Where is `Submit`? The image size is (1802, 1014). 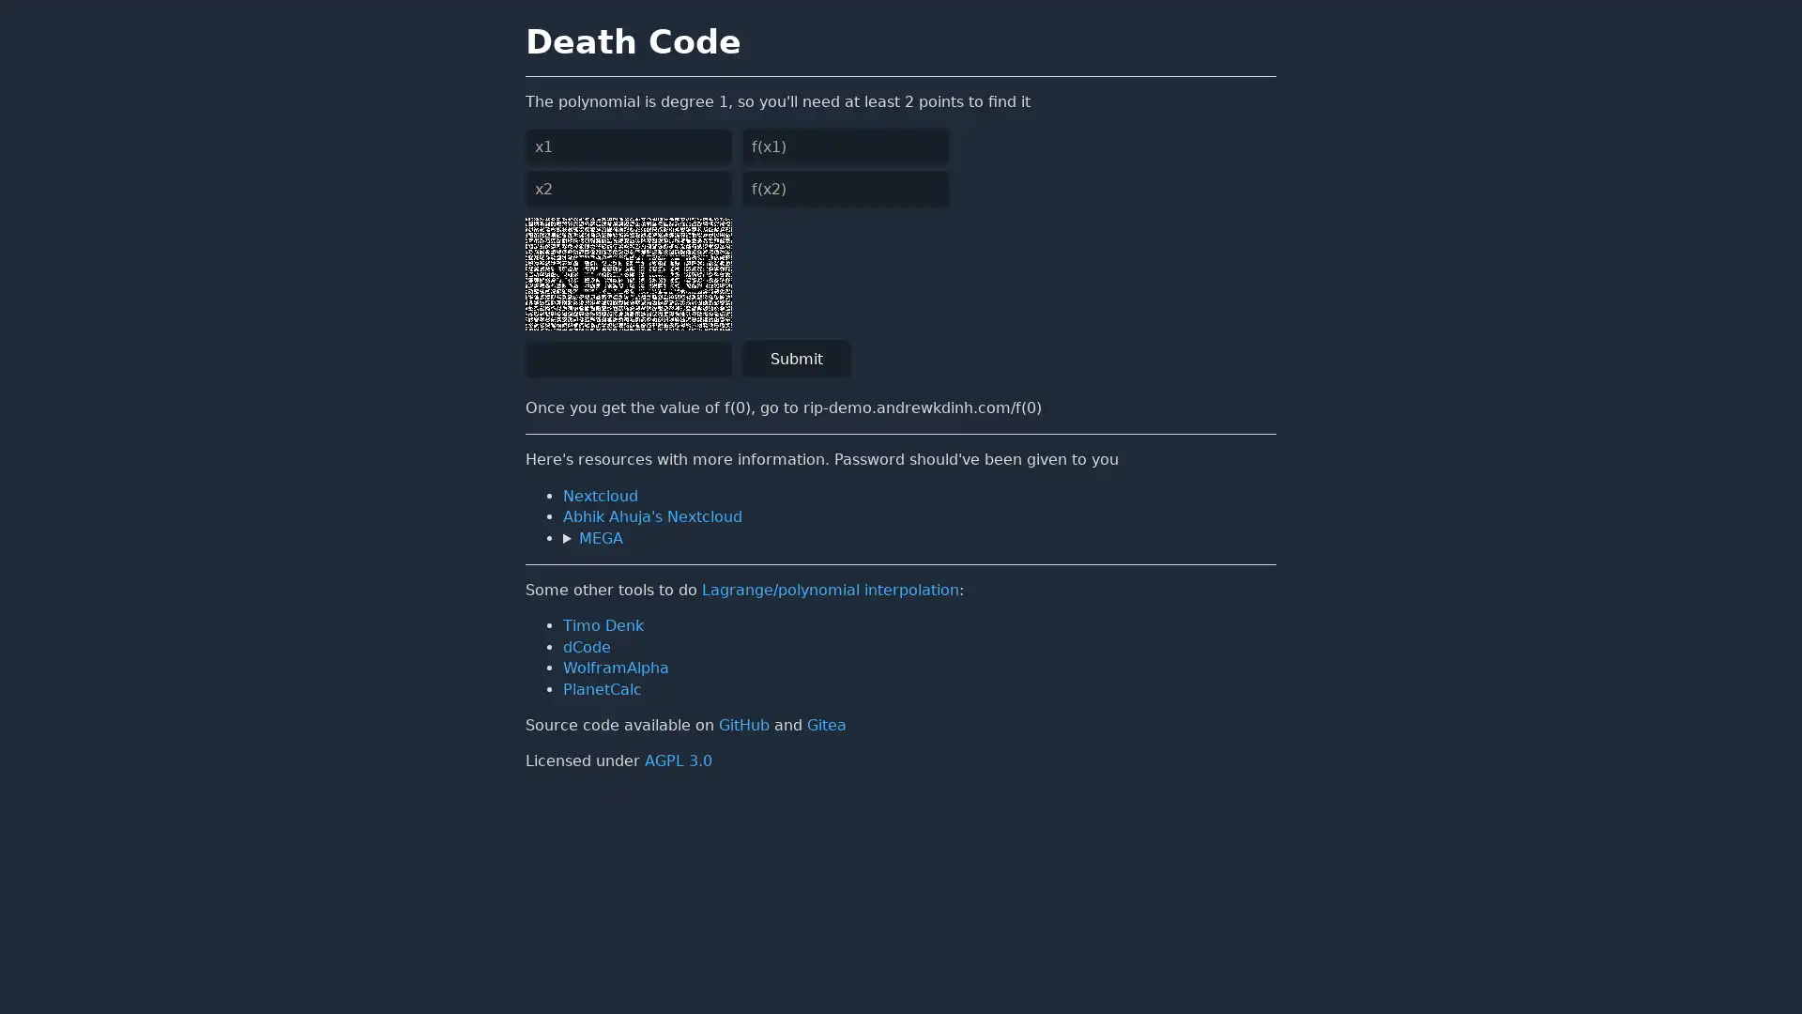 Submit is located at coordinates (797, 359).